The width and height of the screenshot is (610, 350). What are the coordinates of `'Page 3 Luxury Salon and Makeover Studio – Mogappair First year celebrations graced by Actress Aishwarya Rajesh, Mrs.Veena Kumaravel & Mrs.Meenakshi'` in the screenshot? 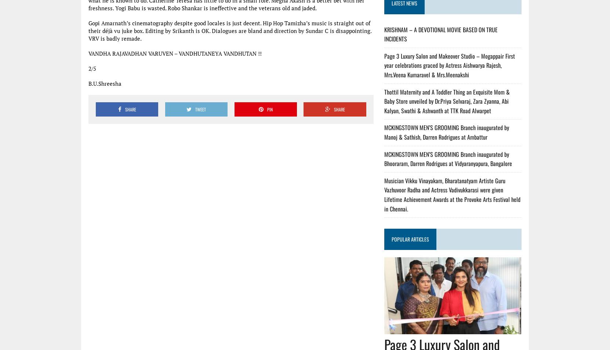 It's located at (449, 65).